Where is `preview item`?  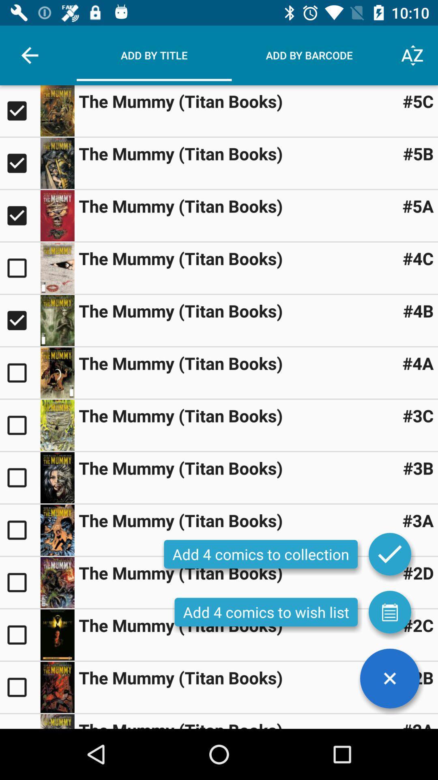 preview item is located at coordinates (57, 425).